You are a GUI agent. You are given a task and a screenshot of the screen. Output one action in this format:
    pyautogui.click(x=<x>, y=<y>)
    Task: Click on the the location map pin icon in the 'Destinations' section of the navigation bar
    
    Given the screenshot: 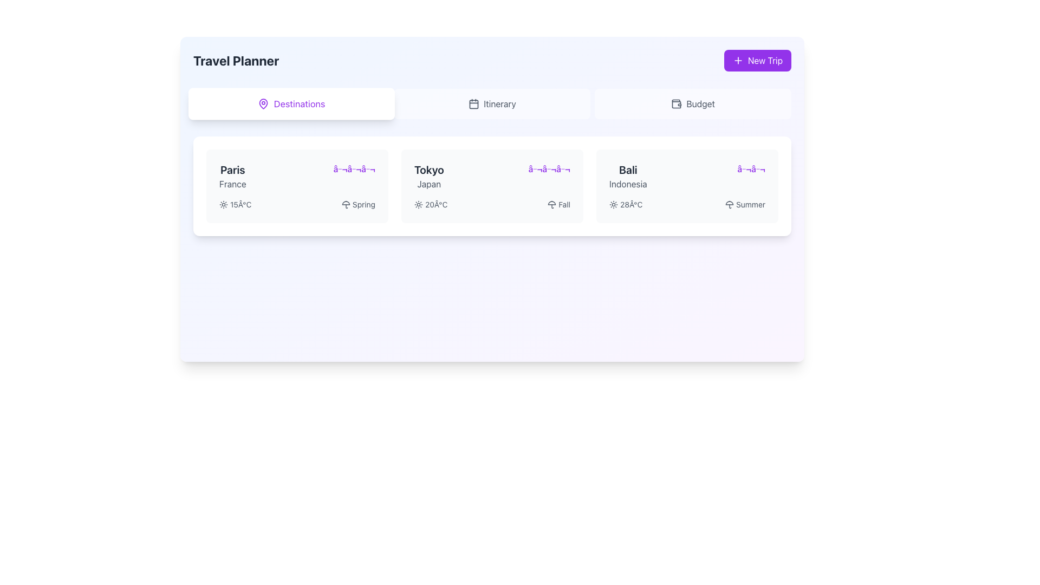 What is the action you would take?
    pyautogui.click(x=263, y=104)
    